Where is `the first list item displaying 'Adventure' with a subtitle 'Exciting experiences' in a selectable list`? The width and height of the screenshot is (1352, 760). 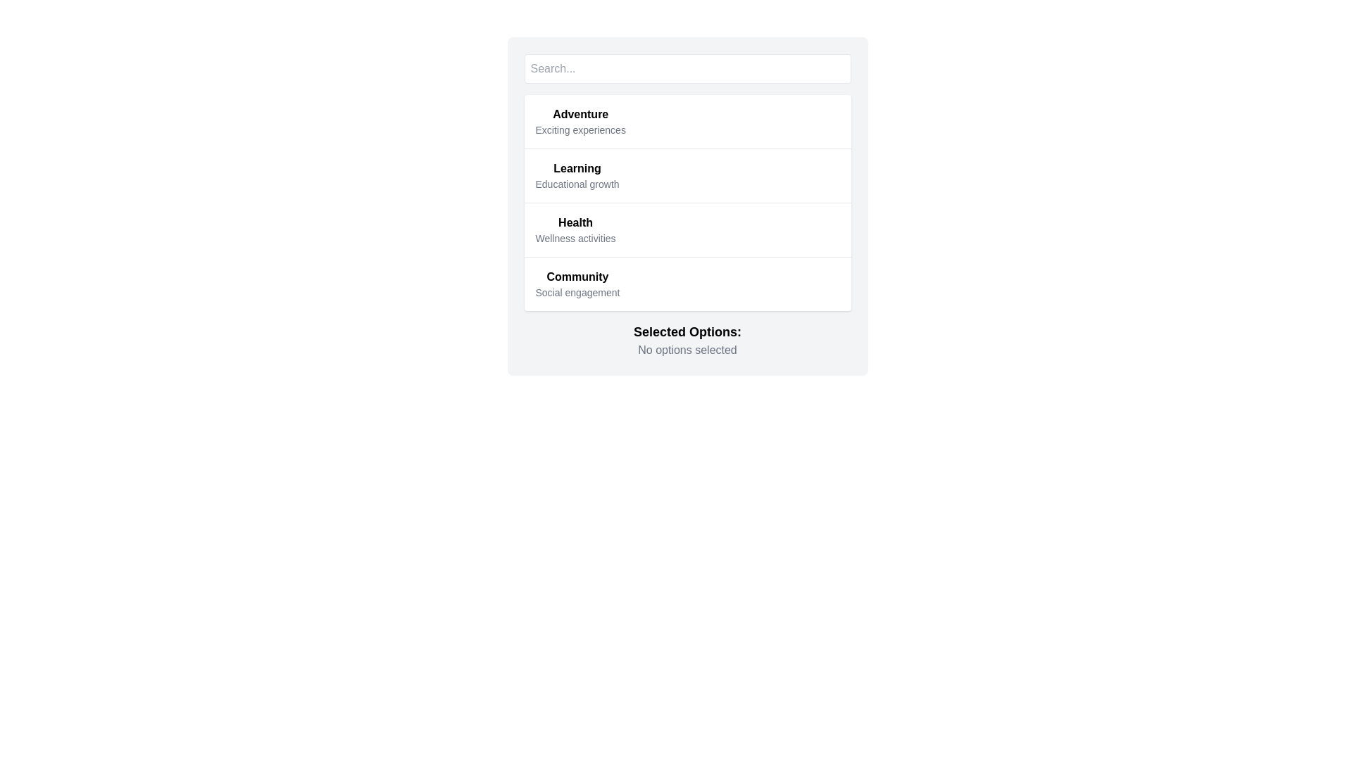 the first list item displaying 'Adventure' with a subtitle 'Exciting experiences' in a selectable list is located at coordinates (687, 121).